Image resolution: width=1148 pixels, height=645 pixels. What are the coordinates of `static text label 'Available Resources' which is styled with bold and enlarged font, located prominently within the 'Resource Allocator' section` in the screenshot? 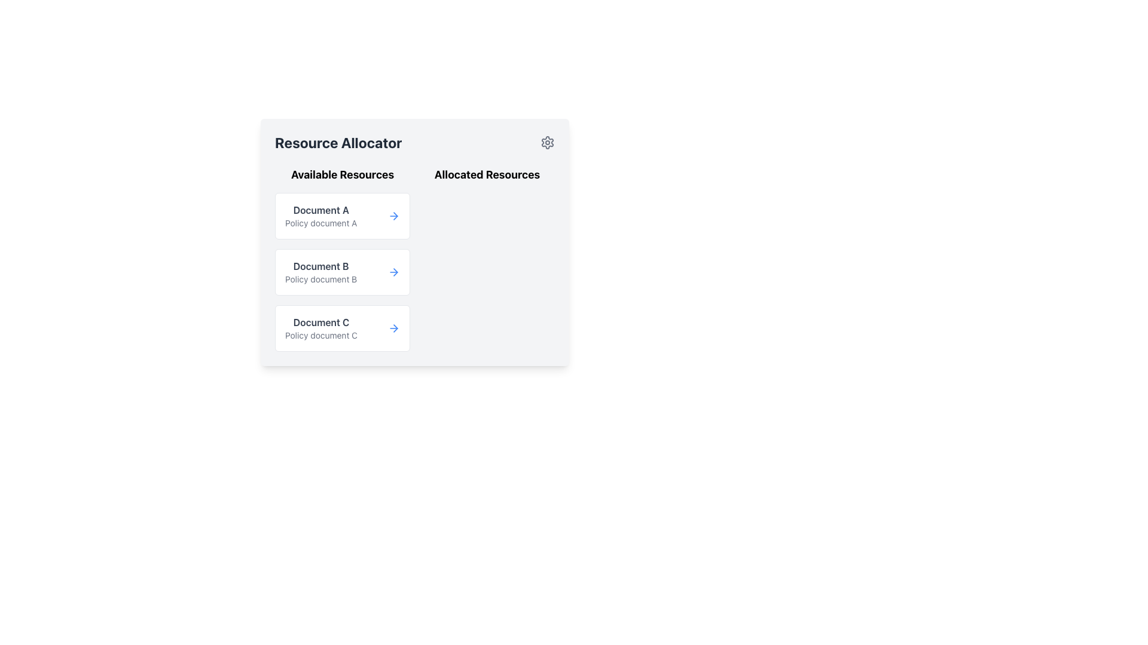 It's located at (341, 175).